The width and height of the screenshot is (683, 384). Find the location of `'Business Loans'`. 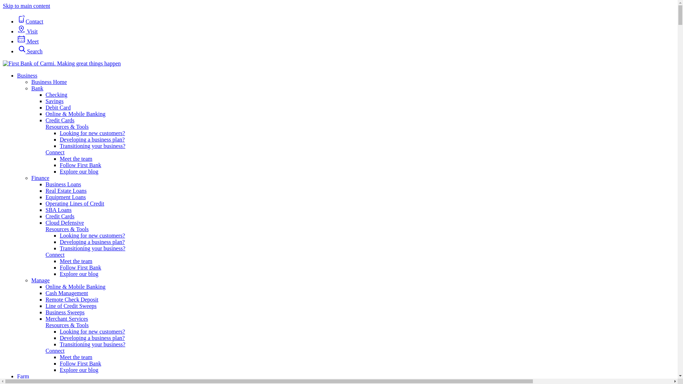

'Business Loans' is located at coordinates (45, 184).